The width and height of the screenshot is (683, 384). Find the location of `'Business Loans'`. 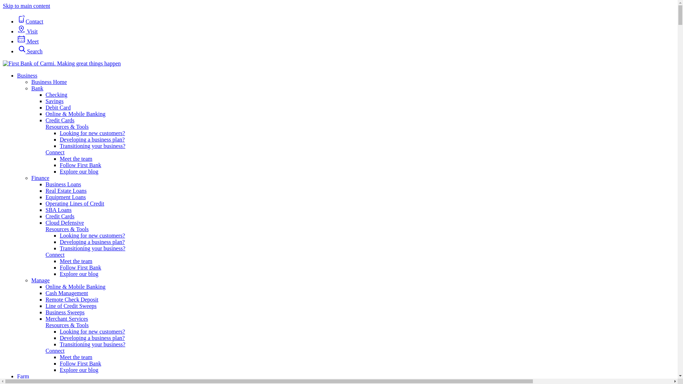

'Business Loans' is located at coordinates (45, 184).